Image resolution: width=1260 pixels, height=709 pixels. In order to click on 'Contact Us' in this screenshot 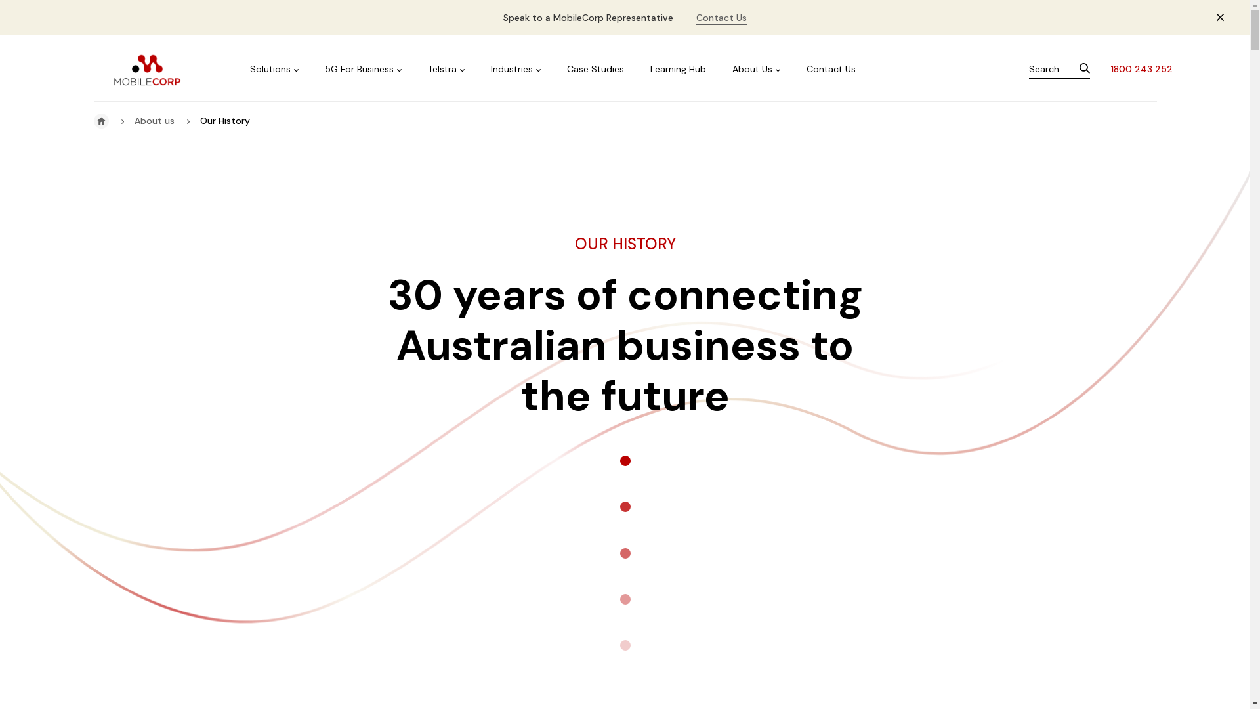, I will do `click(721, 18)`.